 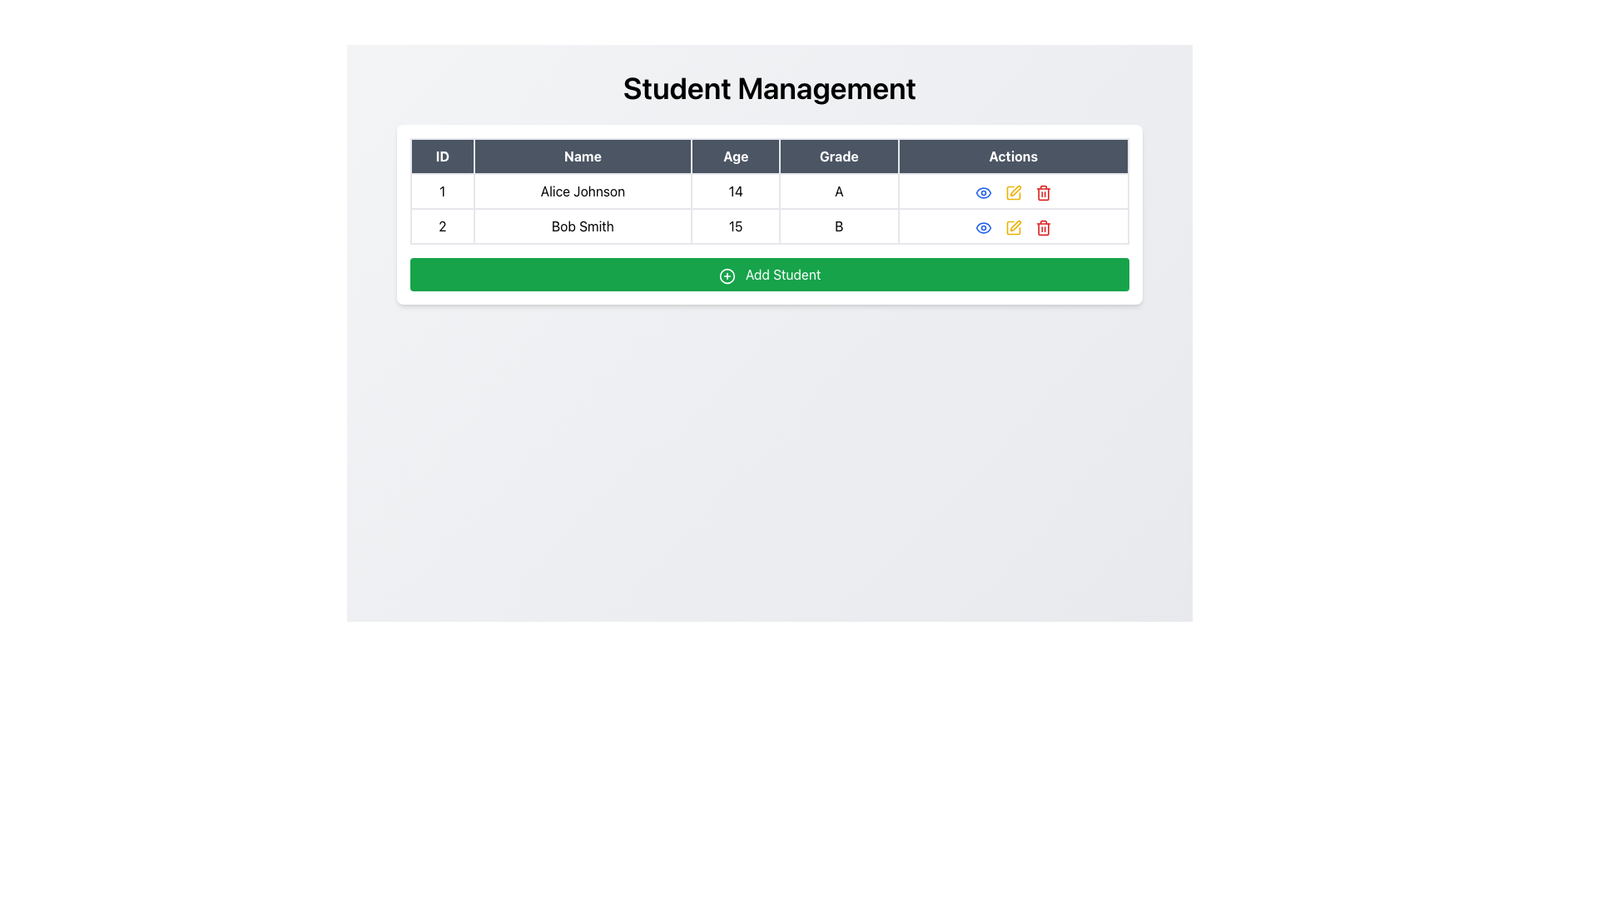 I want to click on the Text label displaying the age of a student, located in the first row and third column of the table, between 'Alice Johnson' and 'A', so click(x=735, y=191).